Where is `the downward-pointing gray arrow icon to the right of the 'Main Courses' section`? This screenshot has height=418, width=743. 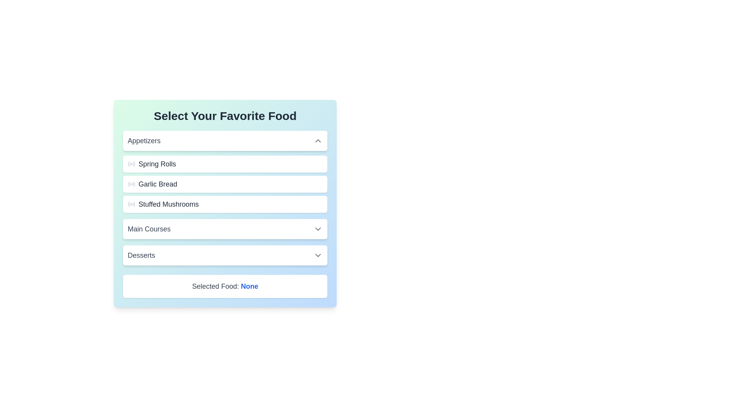 the downward-pointing gray arrow icon to the right of the 'Main Courses' section is located at coordinates (318, 228).